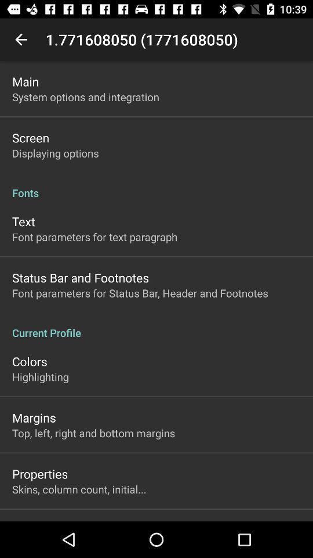 This screenshot has width=313, height=558. Describe the element at coordinates (54, 152) in the screenshot. I see `item below screen app` at that location.